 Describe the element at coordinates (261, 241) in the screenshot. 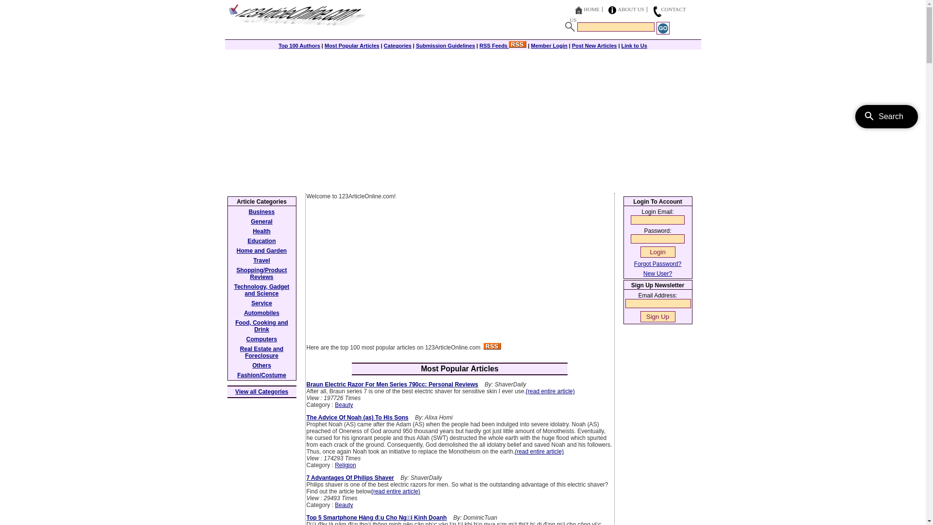

I see `'Education'` at that location.